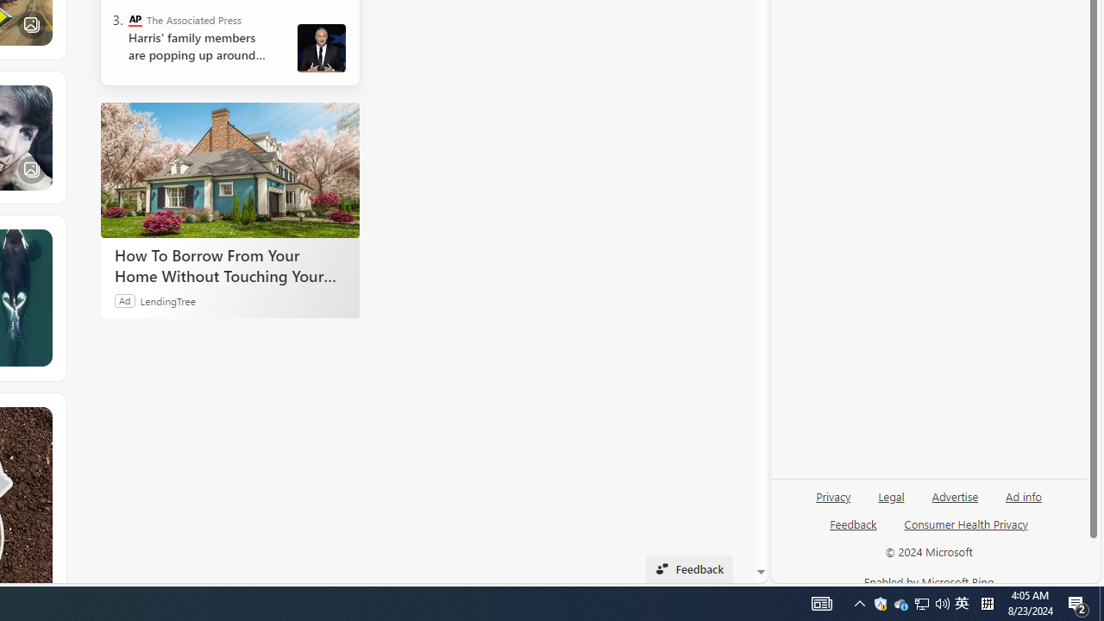 The height and width of the screenshot is (621, 1104). Describe the element at coordinates (891, 503) in the screenshot. I see `'Legal'` at that location.